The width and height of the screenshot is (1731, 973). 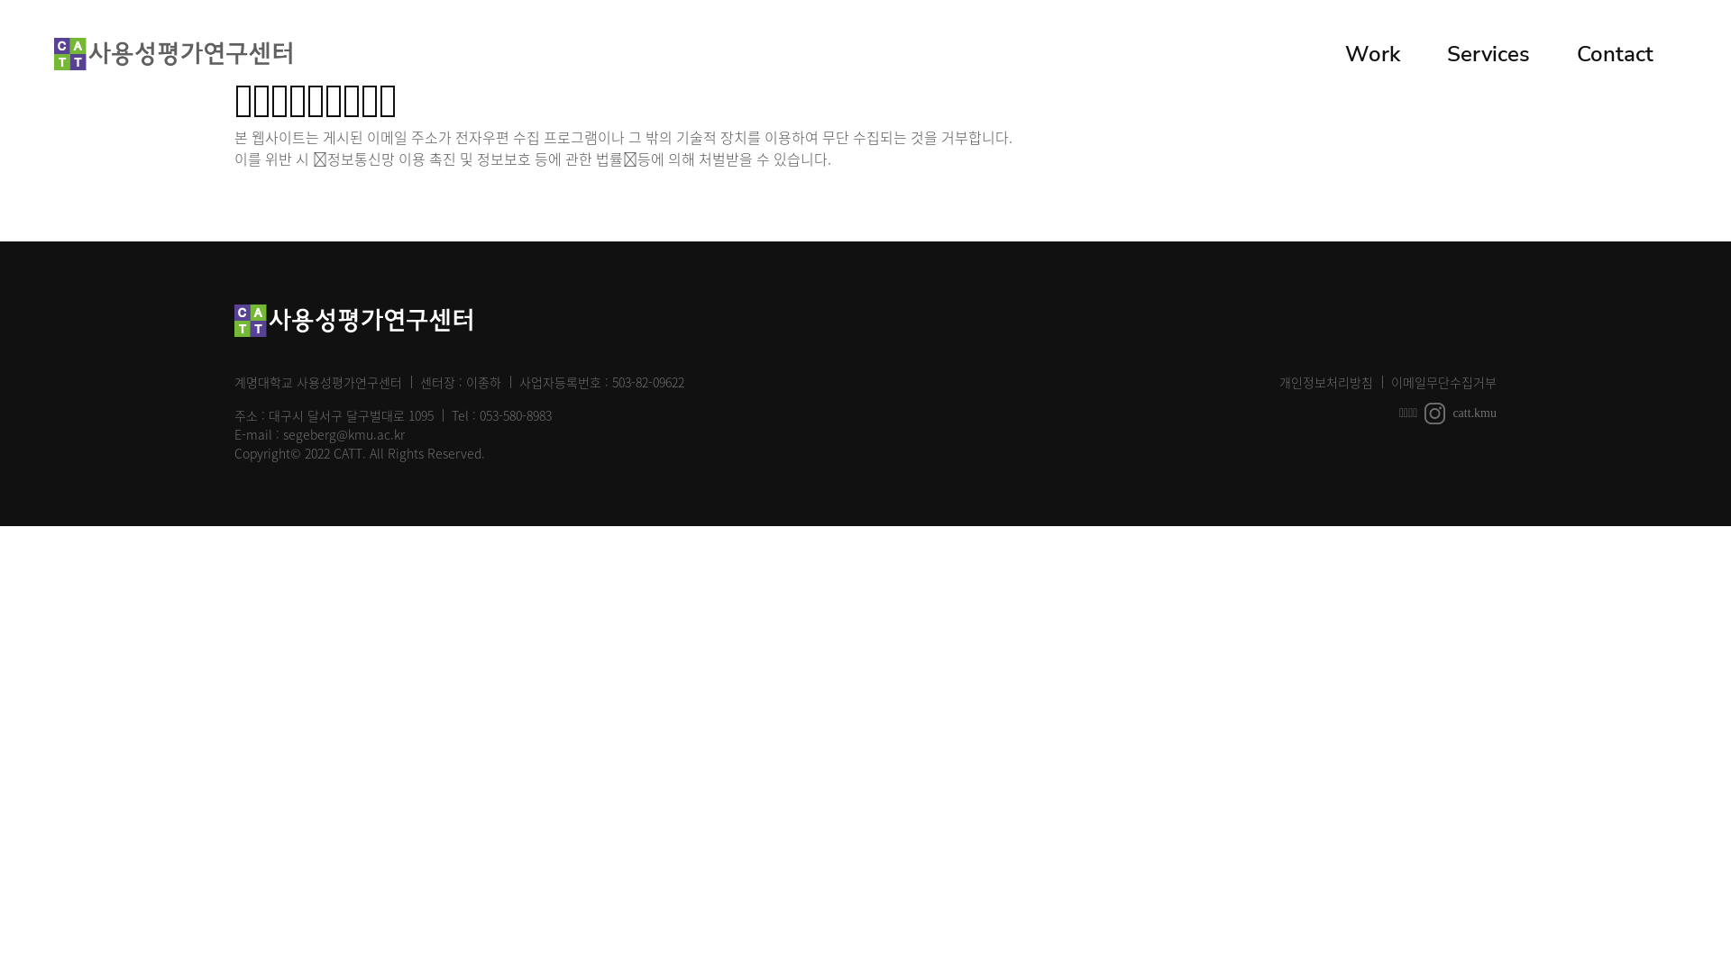 What do you see at coordinates (1552, 53) in the screenshot?
I see `'Contact'` at bounding box center [1552, 53].